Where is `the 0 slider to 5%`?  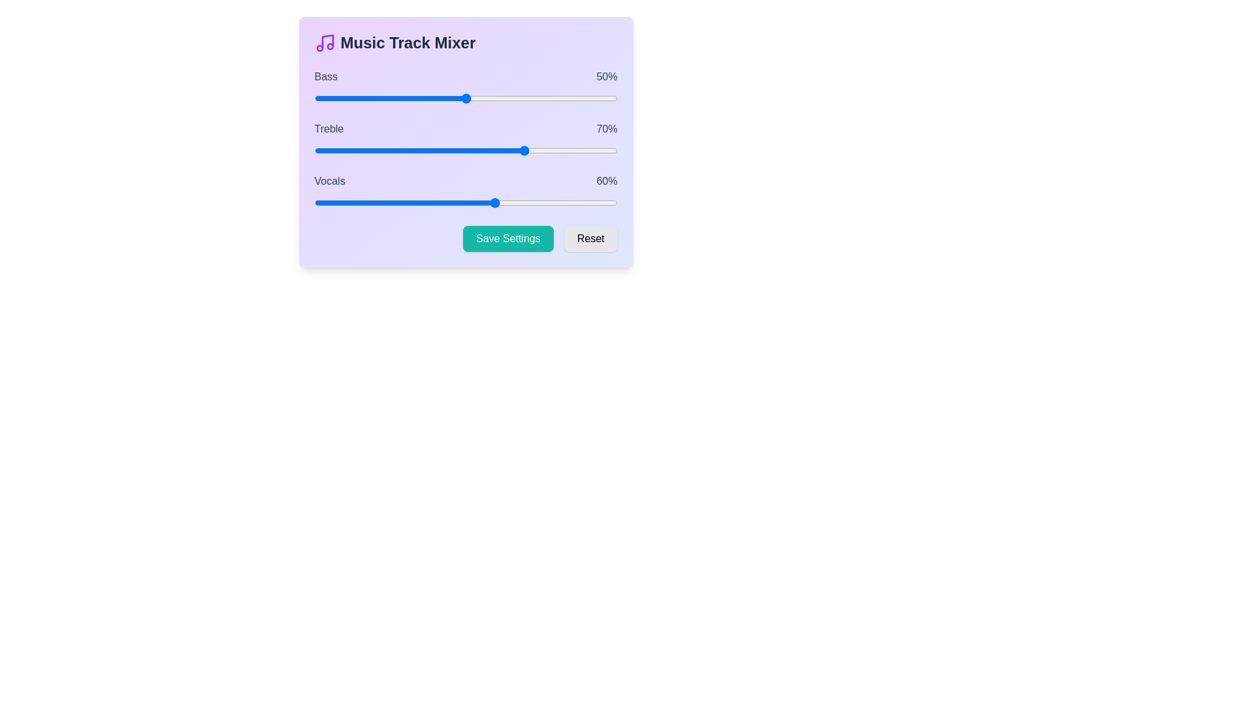
the 0 slider to 5% is located at coordinates (329, 97).